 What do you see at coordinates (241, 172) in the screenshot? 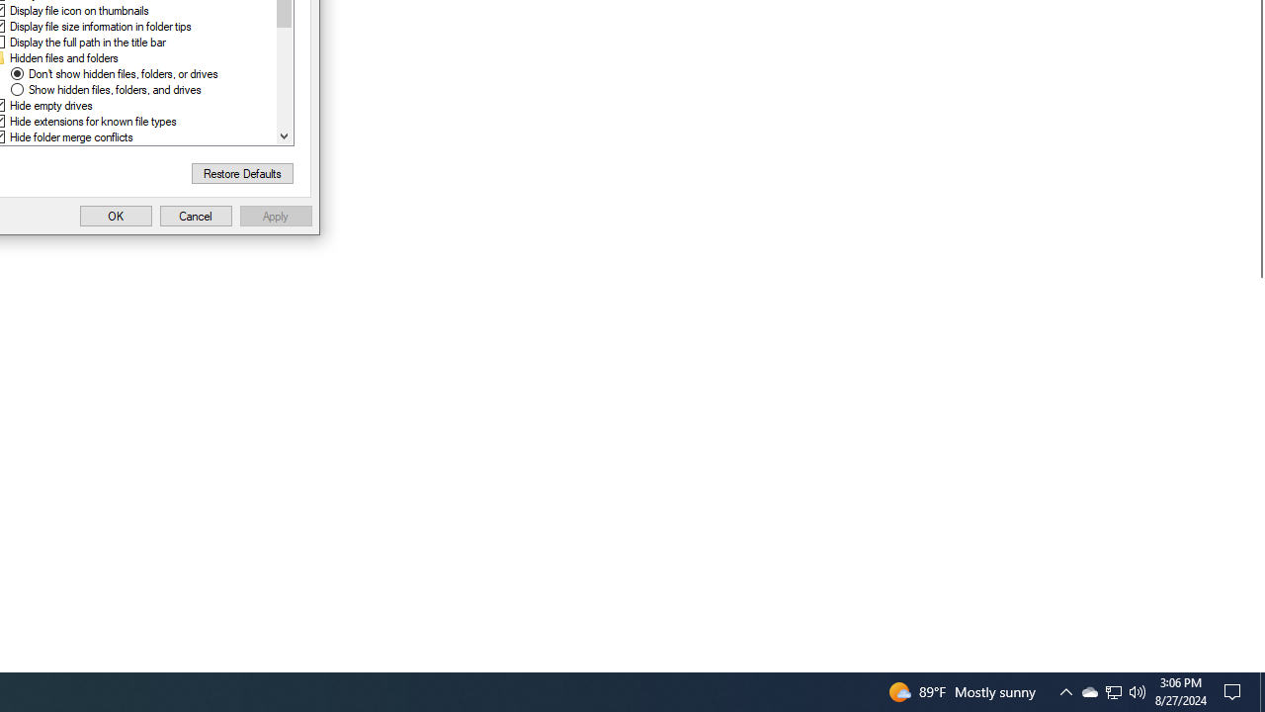
I see `'Restore Defaults'` at bounding box center [241, 172].